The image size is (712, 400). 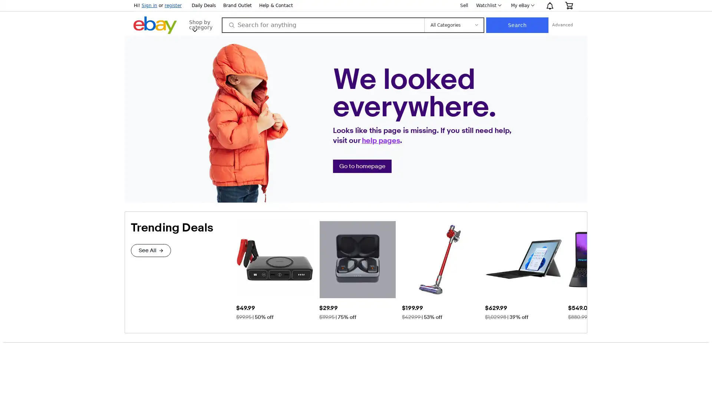 I want to click on Previous Slide, so click(x=242, y=270).